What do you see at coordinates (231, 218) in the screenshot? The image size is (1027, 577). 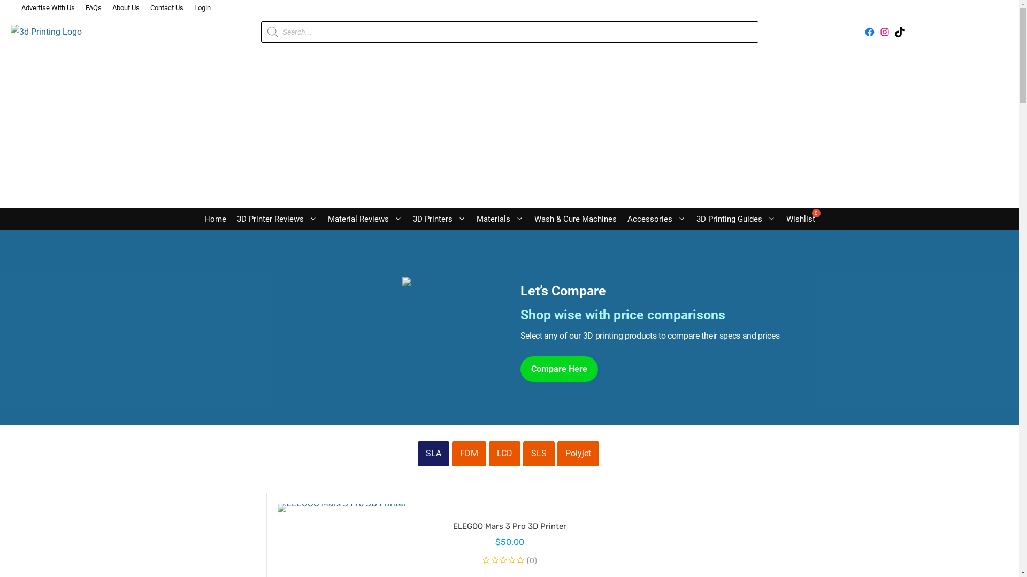 I see `'3D Printer Reviews'` at bounding box center [231, 218].